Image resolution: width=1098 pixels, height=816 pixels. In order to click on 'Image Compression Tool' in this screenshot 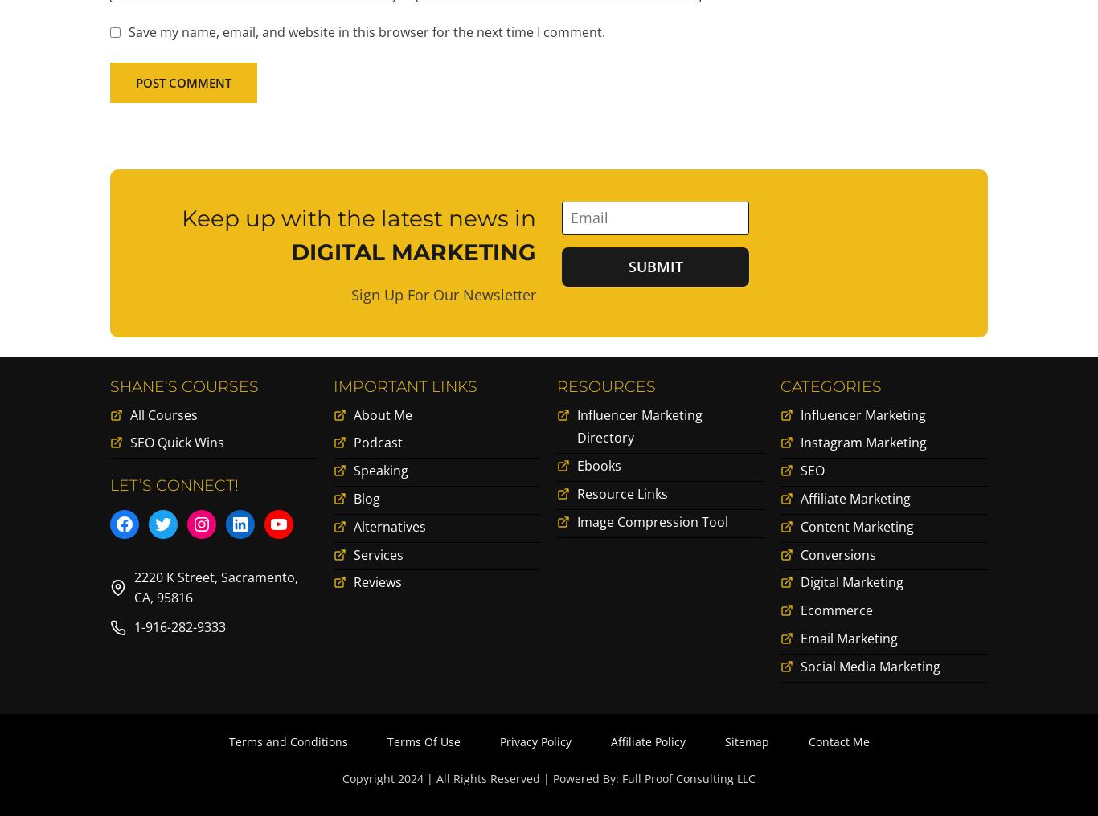, I will do `click(651, 524)`.